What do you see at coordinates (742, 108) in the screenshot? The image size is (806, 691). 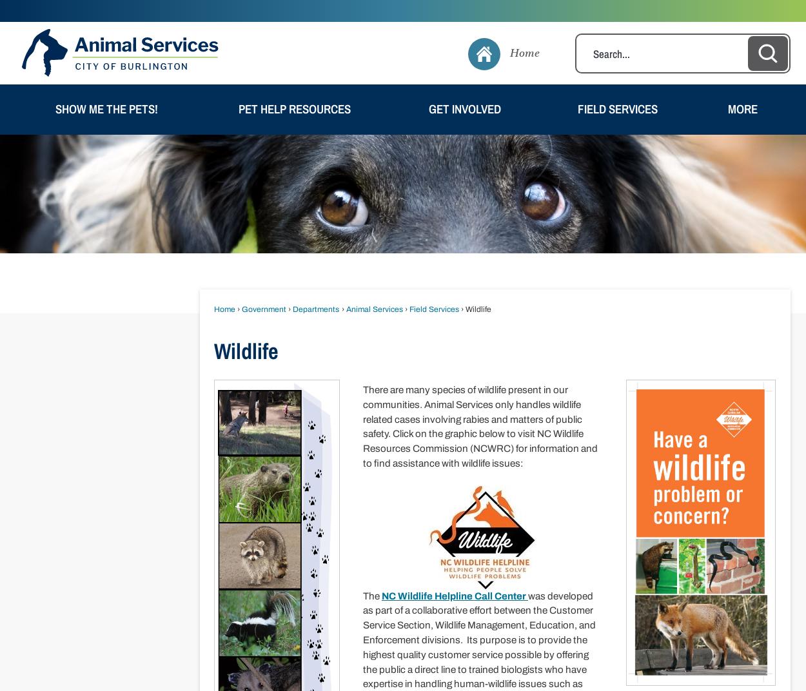 I see `'More'` at bounding box center [742, 108].